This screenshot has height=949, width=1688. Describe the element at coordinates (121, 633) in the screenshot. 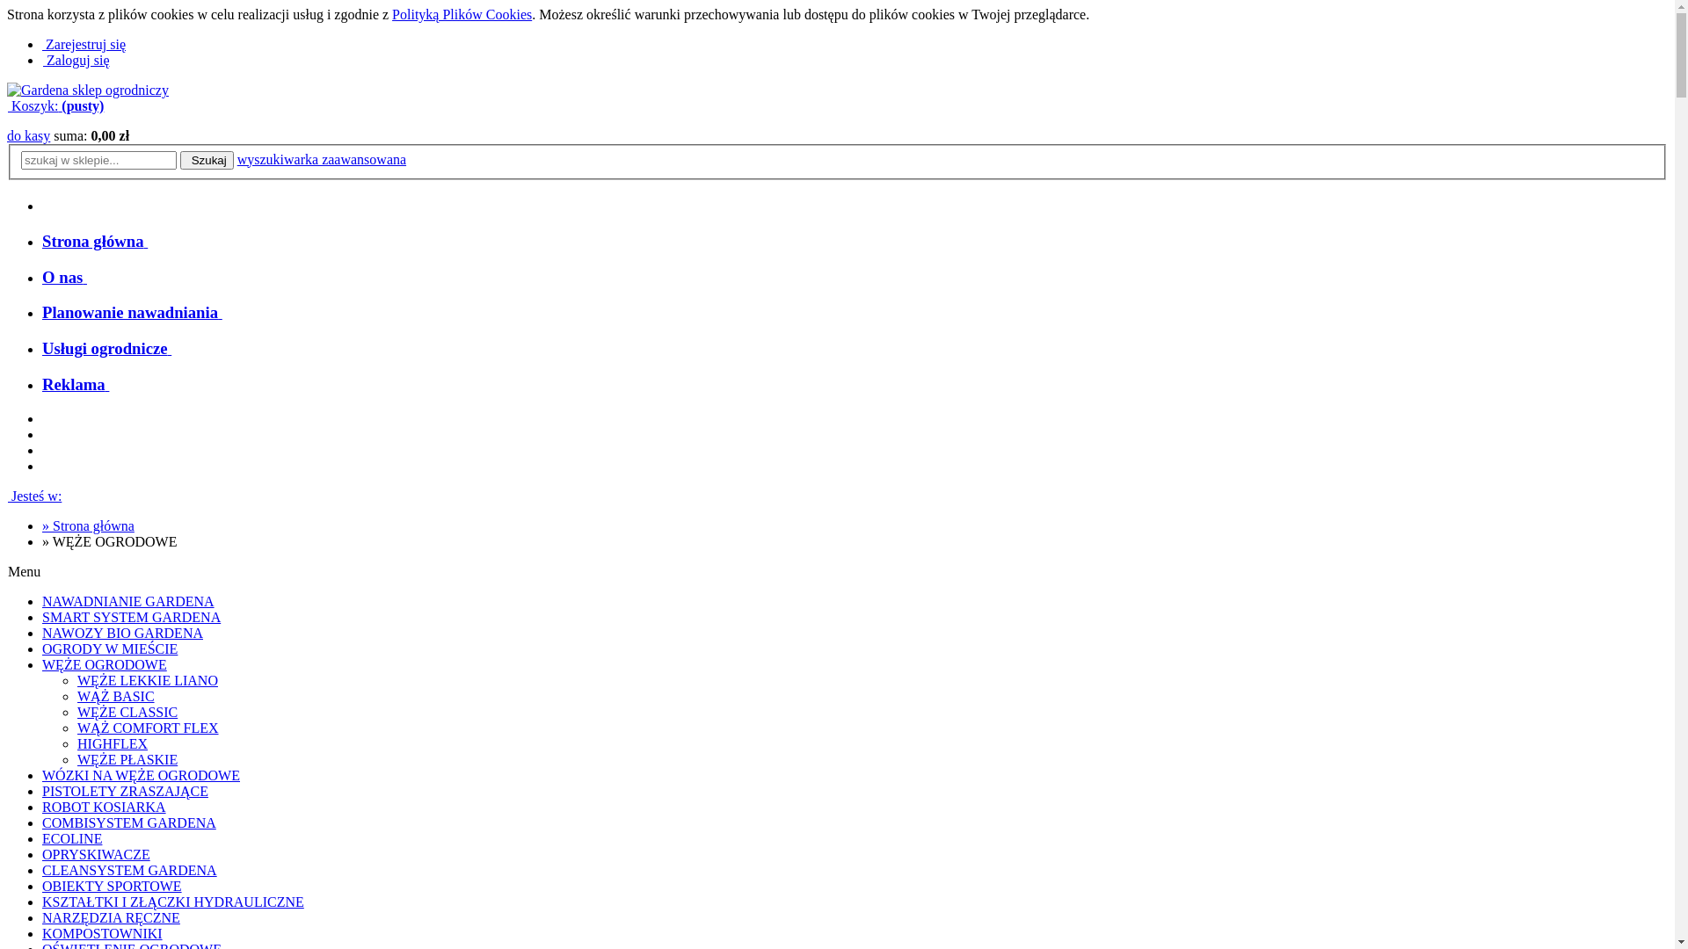

I see `'NAWOZY BIO GARDENA'` at that location.